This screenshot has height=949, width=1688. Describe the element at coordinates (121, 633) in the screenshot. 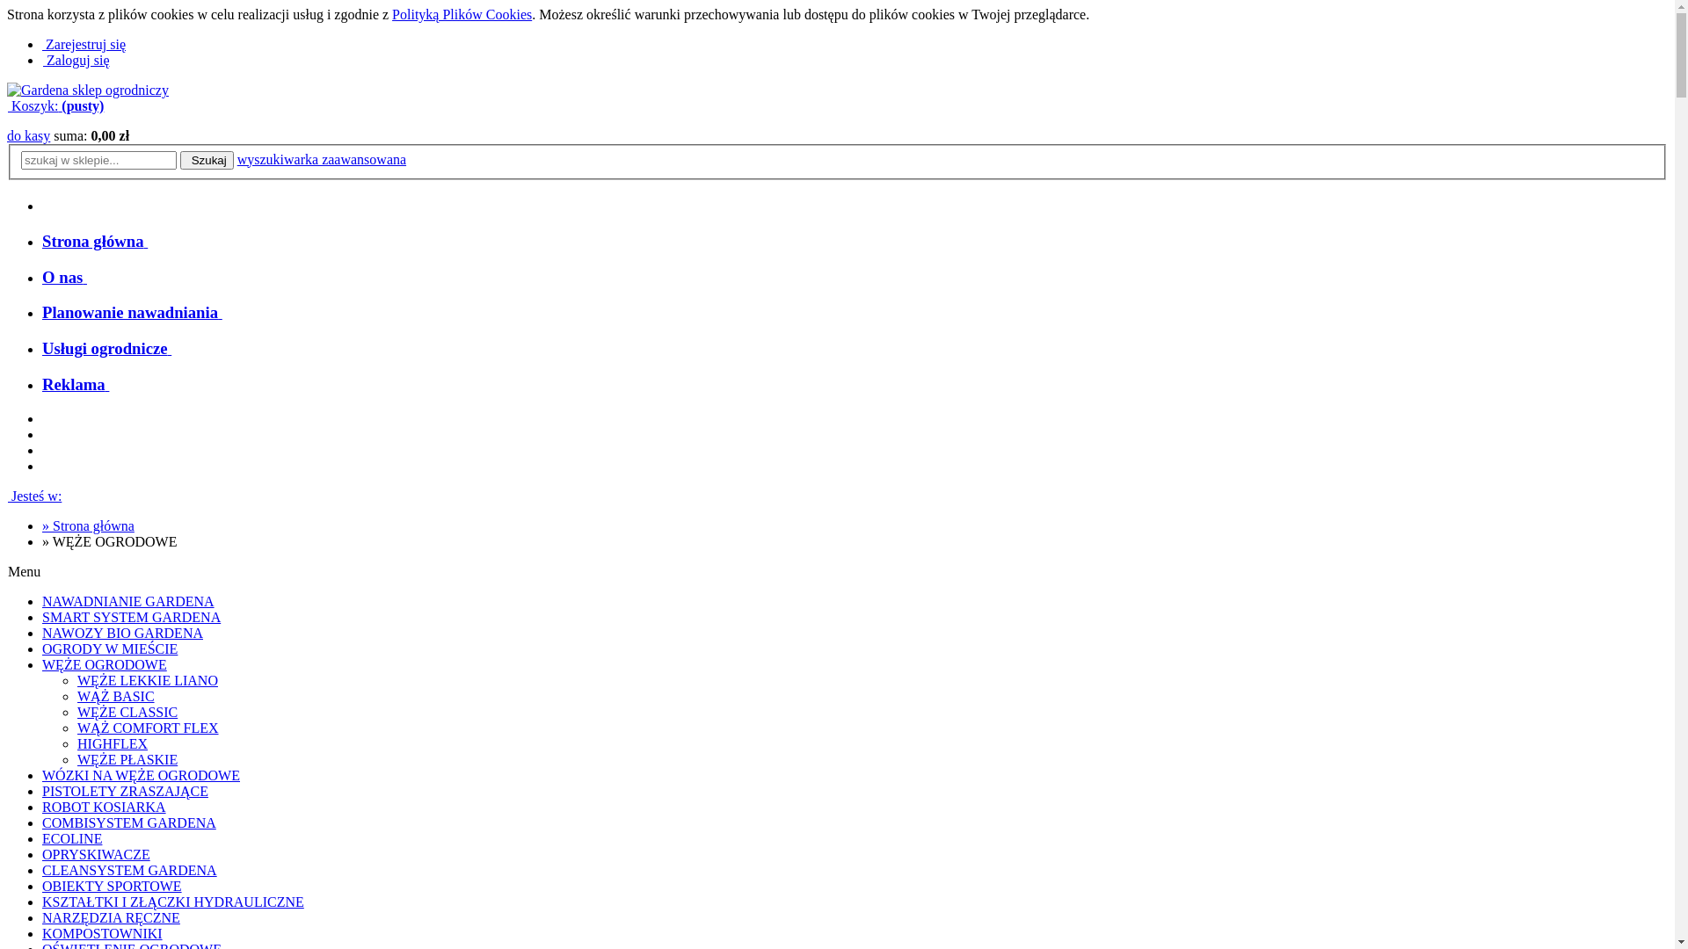

I see `'NAWOZY BIO GARDENA'` at that location.